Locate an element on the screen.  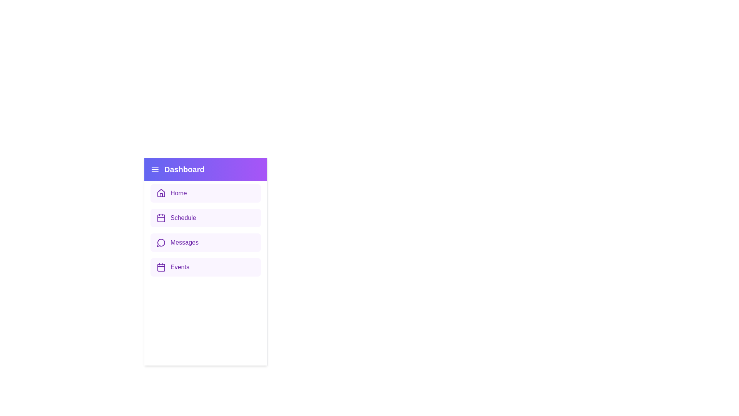
the menu item labeled Home is located at coordinates (206, 193).